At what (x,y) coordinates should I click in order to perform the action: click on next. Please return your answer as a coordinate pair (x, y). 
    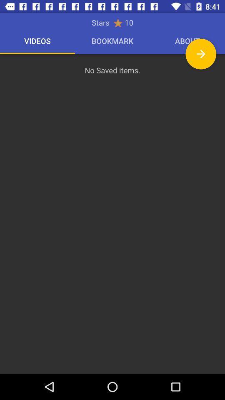
    Looking at the image, I should click on (200, 53).